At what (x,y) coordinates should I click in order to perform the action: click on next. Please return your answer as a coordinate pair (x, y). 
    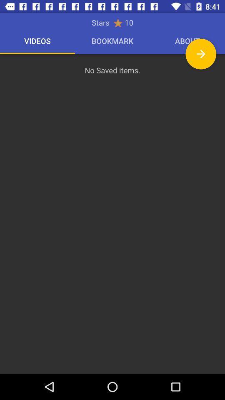
    Looking at the image, I should click on (200, 53).